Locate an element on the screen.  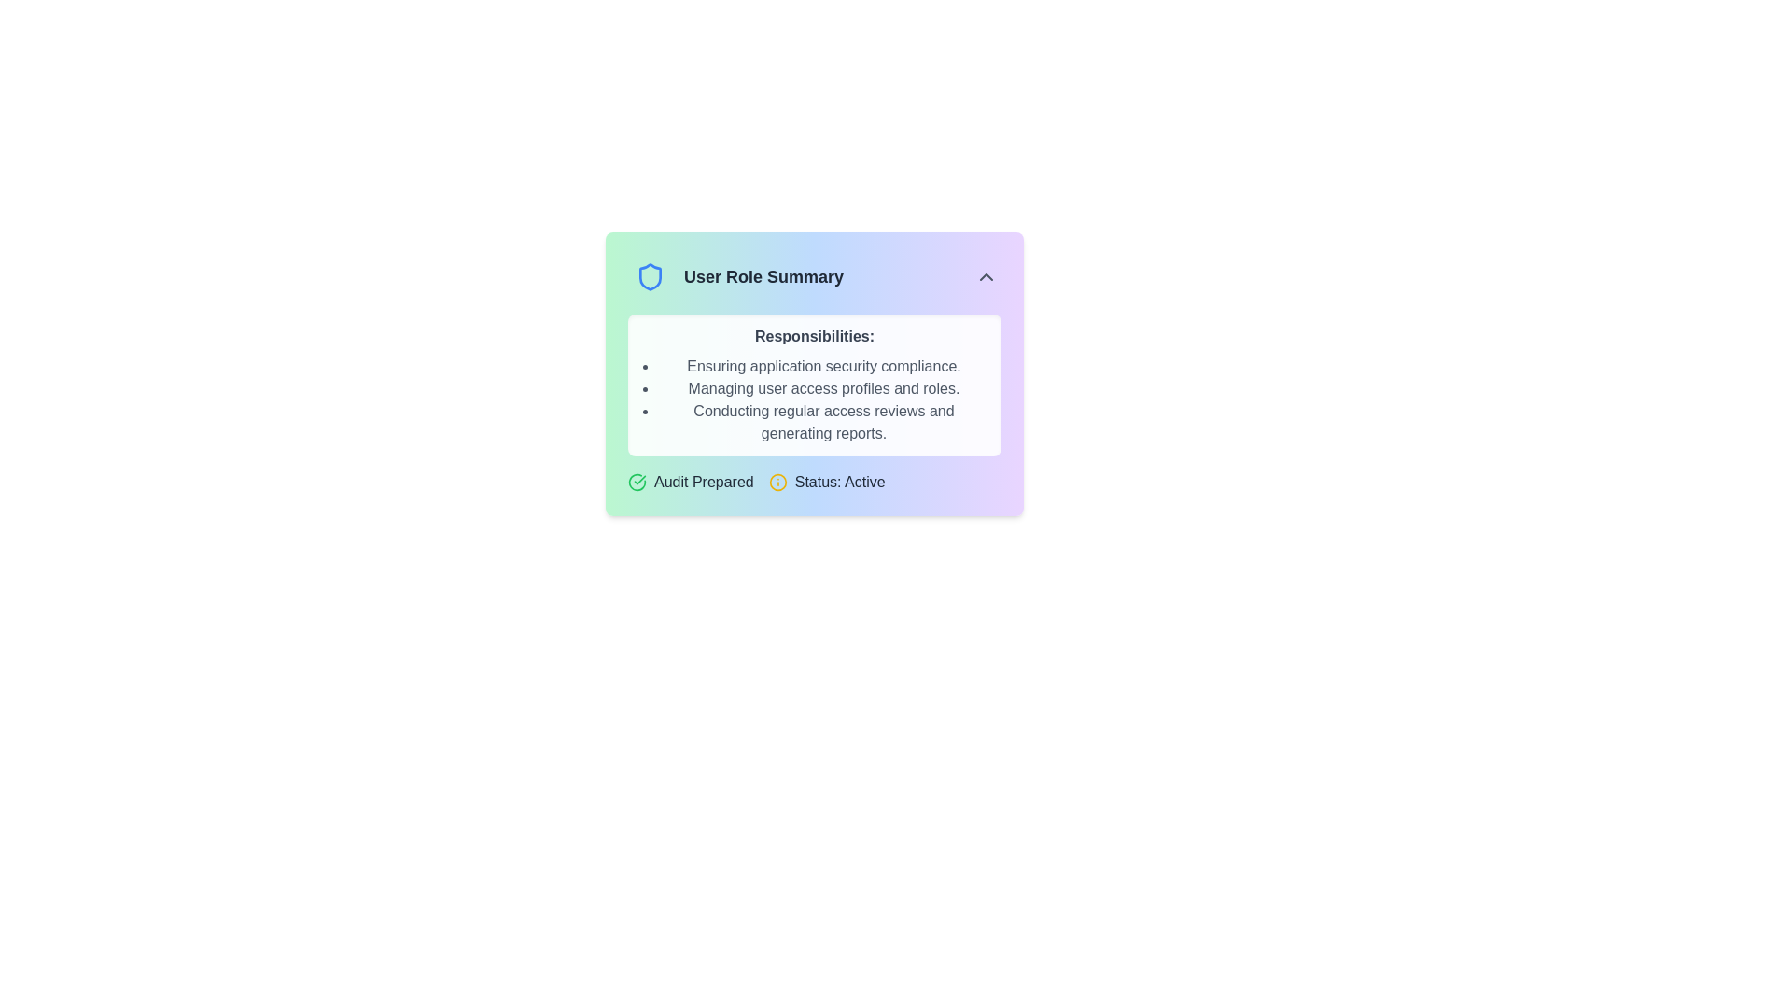
the 'Audit Prepared' green checkmark icon or the 'Status: Active' yellow information icon in the Status display widget for details is located at coordinates (815, 481).